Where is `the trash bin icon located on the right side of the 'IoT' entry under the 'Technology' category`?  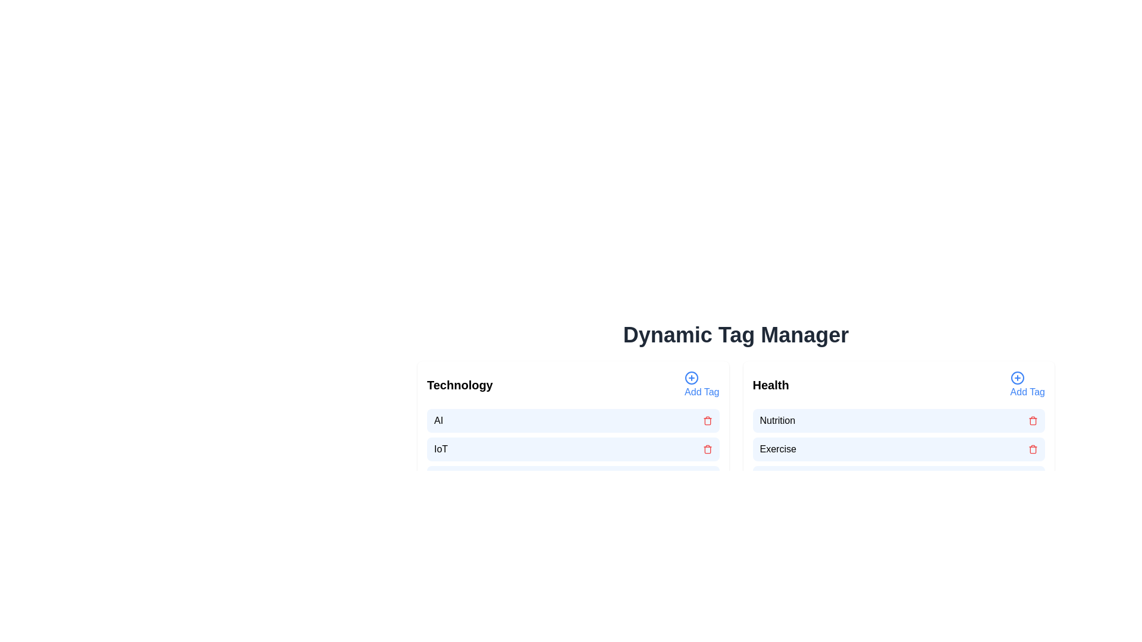 the trash bin icon located on the right side of the 'IoT' entry under the 'Technology' category is located at coordinates (707, 450).